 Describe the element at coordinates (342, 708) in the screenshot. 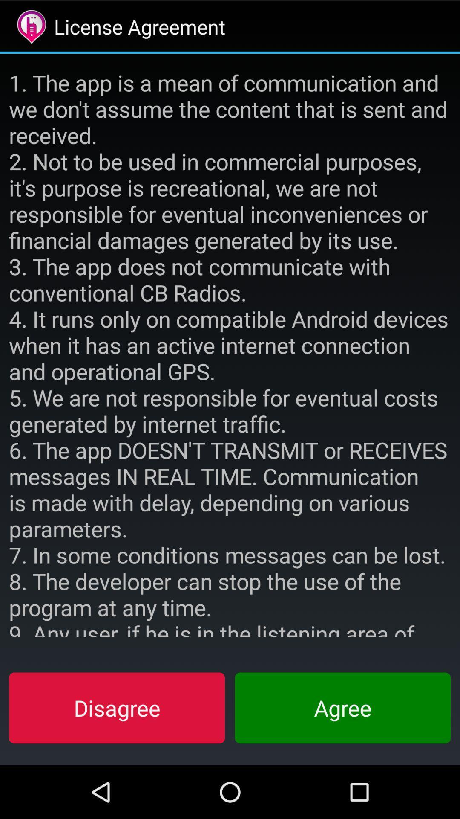

I see `the agree button` at that location.